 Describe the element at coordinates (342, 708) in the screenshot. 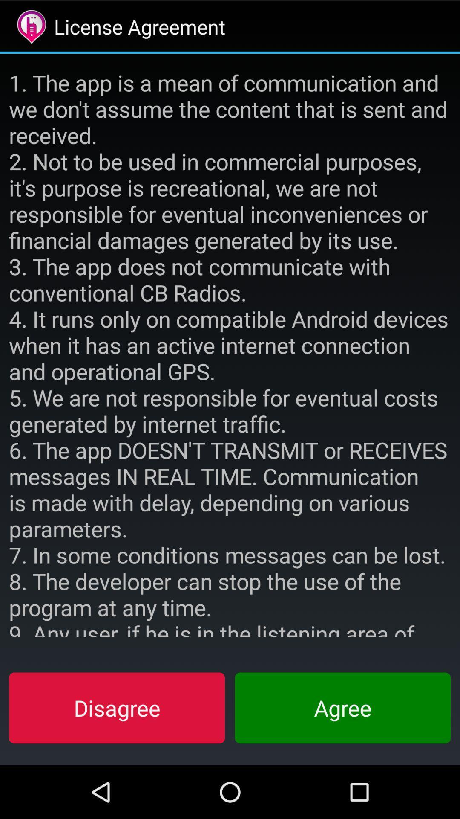

I see `the agree button` at that location.